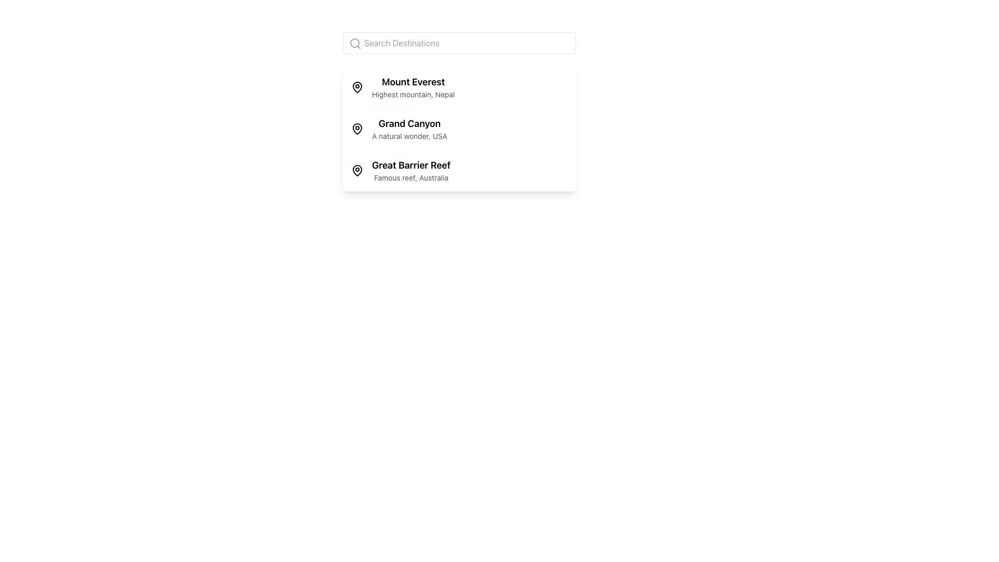 This screenshot has width=999, height=562. I want to click on the black map pin icon located to the left of the text 'Grand Canyon A natural wonder, USA', which is the leftmost element in the second position of a vertical list of three entries, so click(357, 128).